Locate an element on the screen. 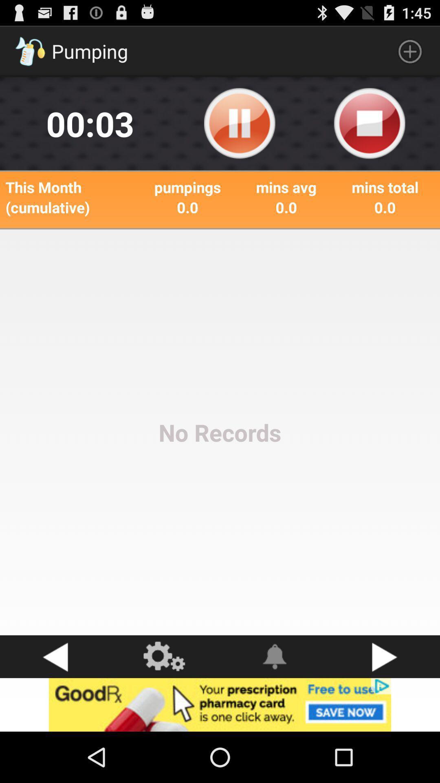 The height and width of the screenshot is (783, 440). settings button is located at coordinates (165, 657).